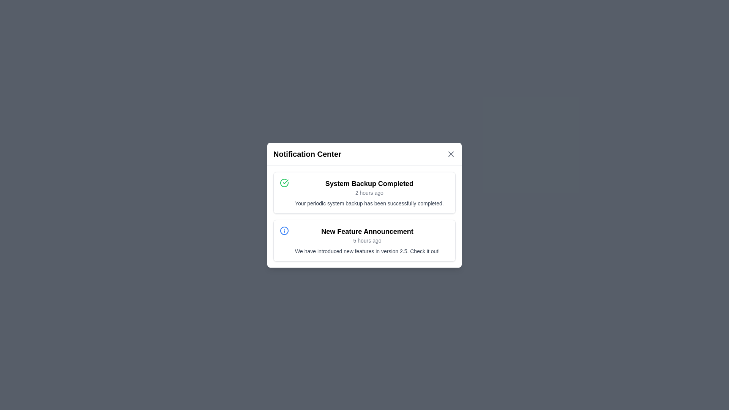 The height and width of the screenshot is (410, 729). I want to click on the notification card titled 'New Feature Announcement', which is the second card in the notification center, so click(364, 240).